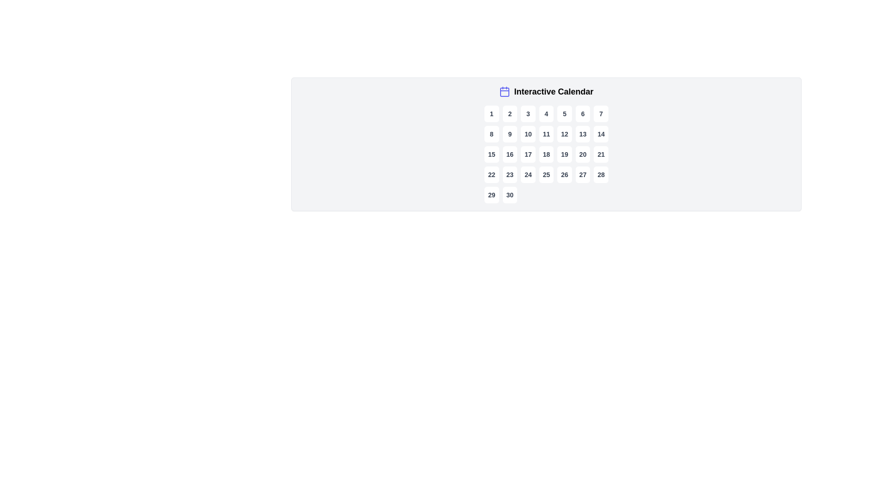 Image resolution: width=885 pixels, height=498 pixels. Describe the element at coordinates (582, 134) in the screenshot. I see `the button representing the 13th day of the month in the interactive calendar` at that location.